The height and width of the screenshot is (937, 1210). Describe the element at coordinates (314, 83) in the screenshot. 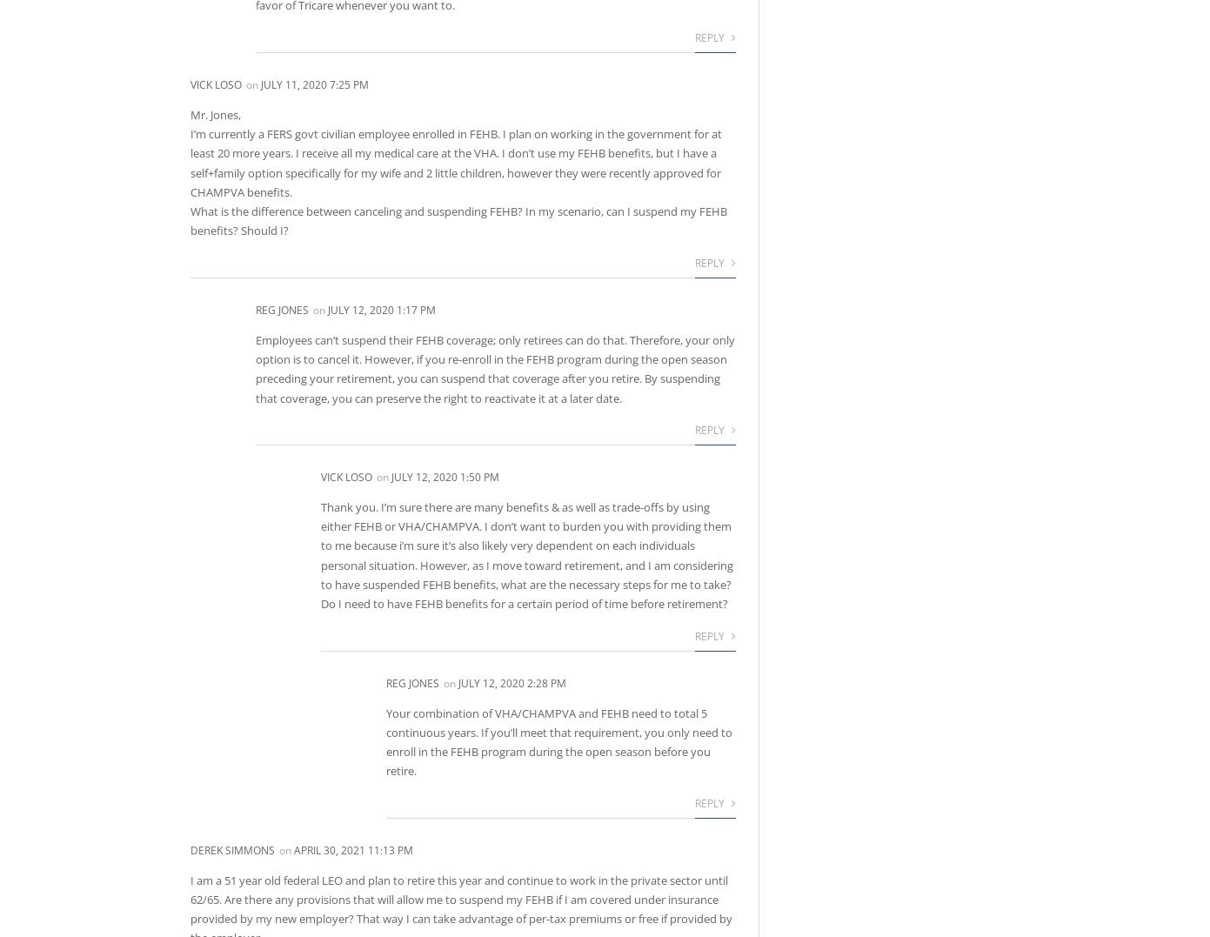

I see `'July 11, 2020 7:25 pm'` at that location.